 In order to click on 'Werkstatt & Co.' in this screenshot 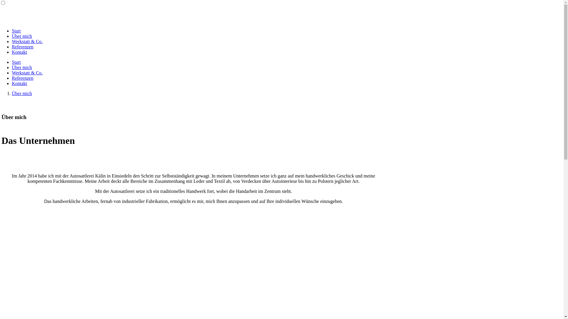, I will do `click(27, 41)`.